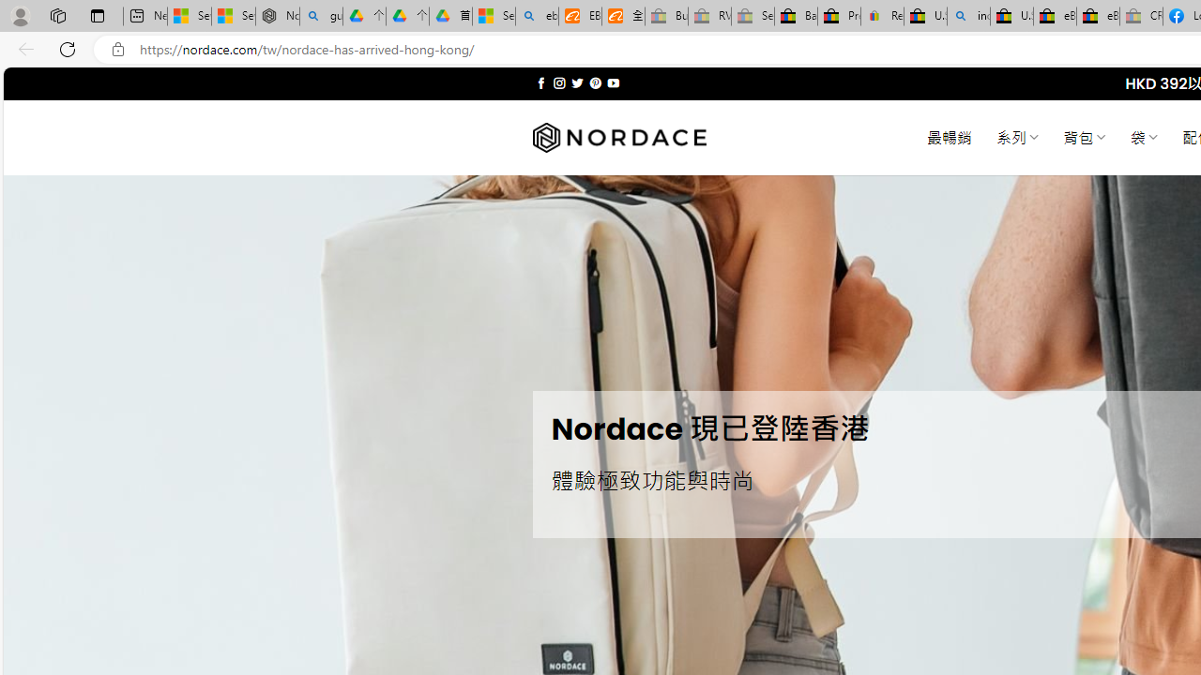 Image resolution: width=1201 pixels, height=675 pixels. I want to click on 'Follow on YouTube', so click(613, 82).